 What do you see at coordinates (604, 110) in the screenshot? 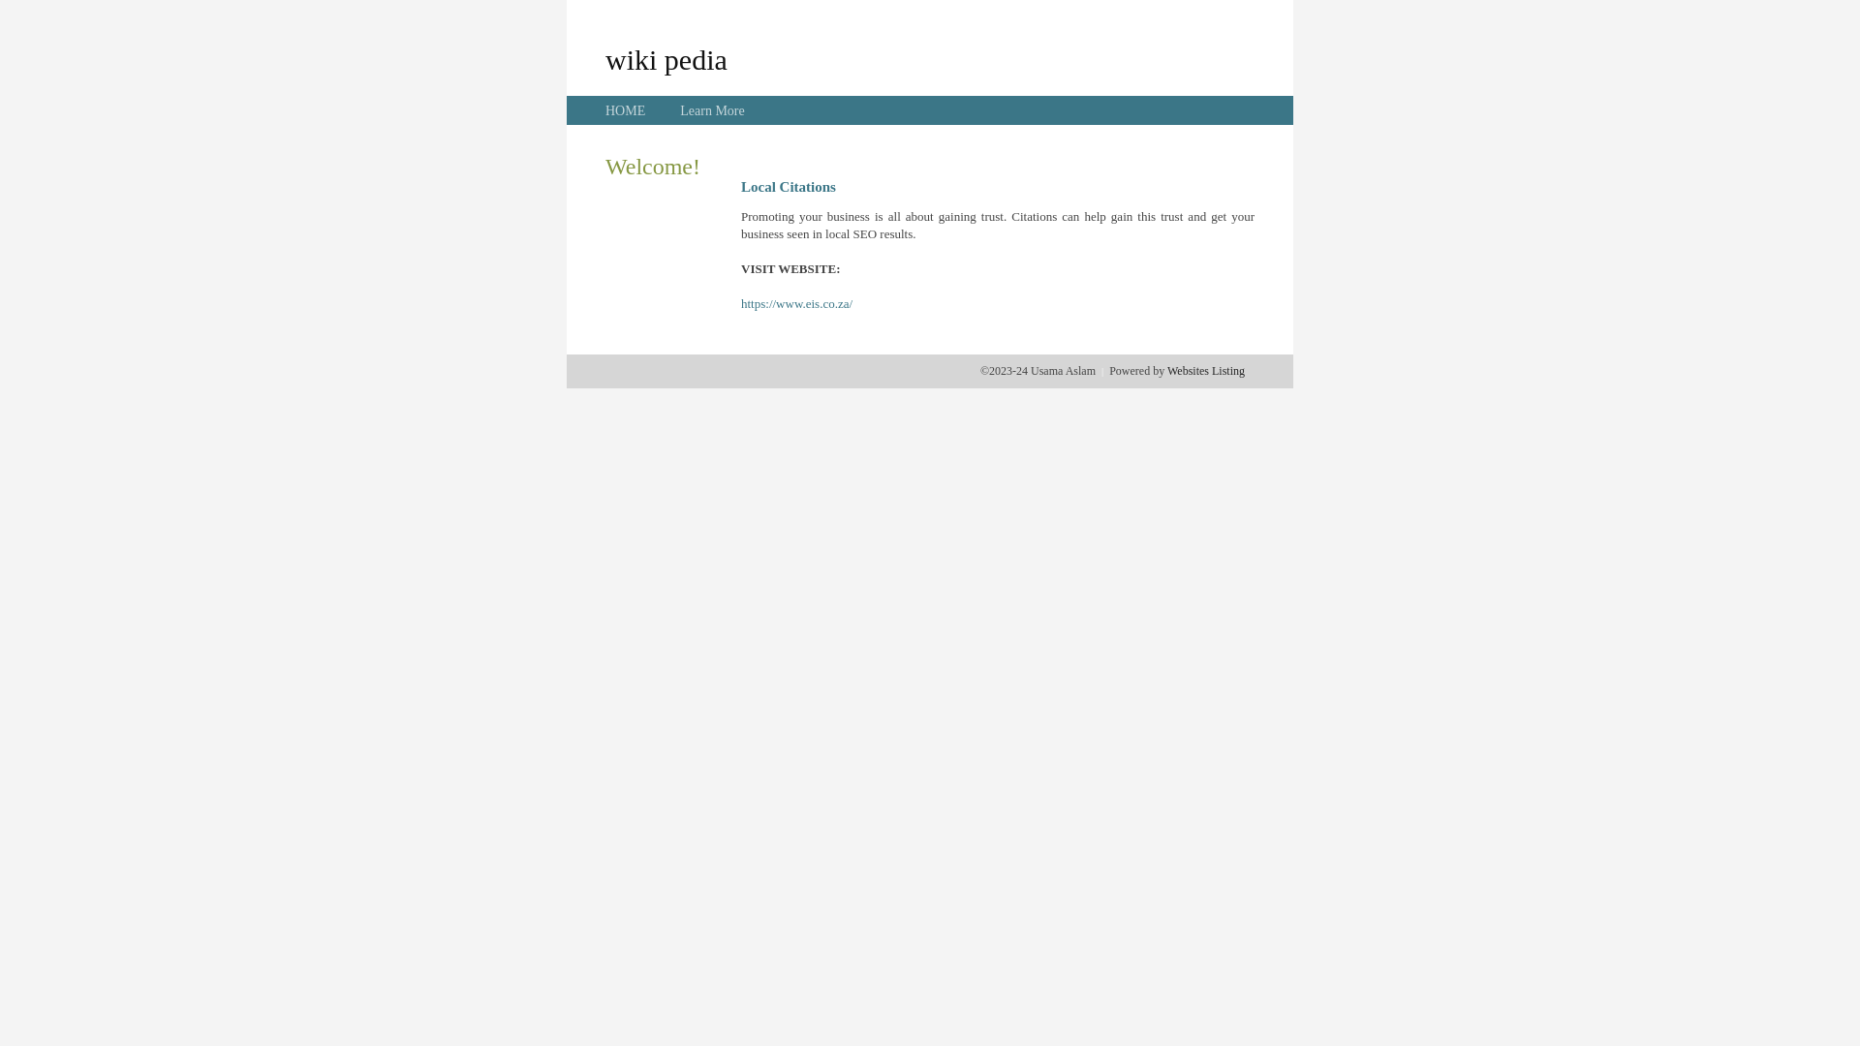
I see `'HOME'` at bounding box center [604, 110].